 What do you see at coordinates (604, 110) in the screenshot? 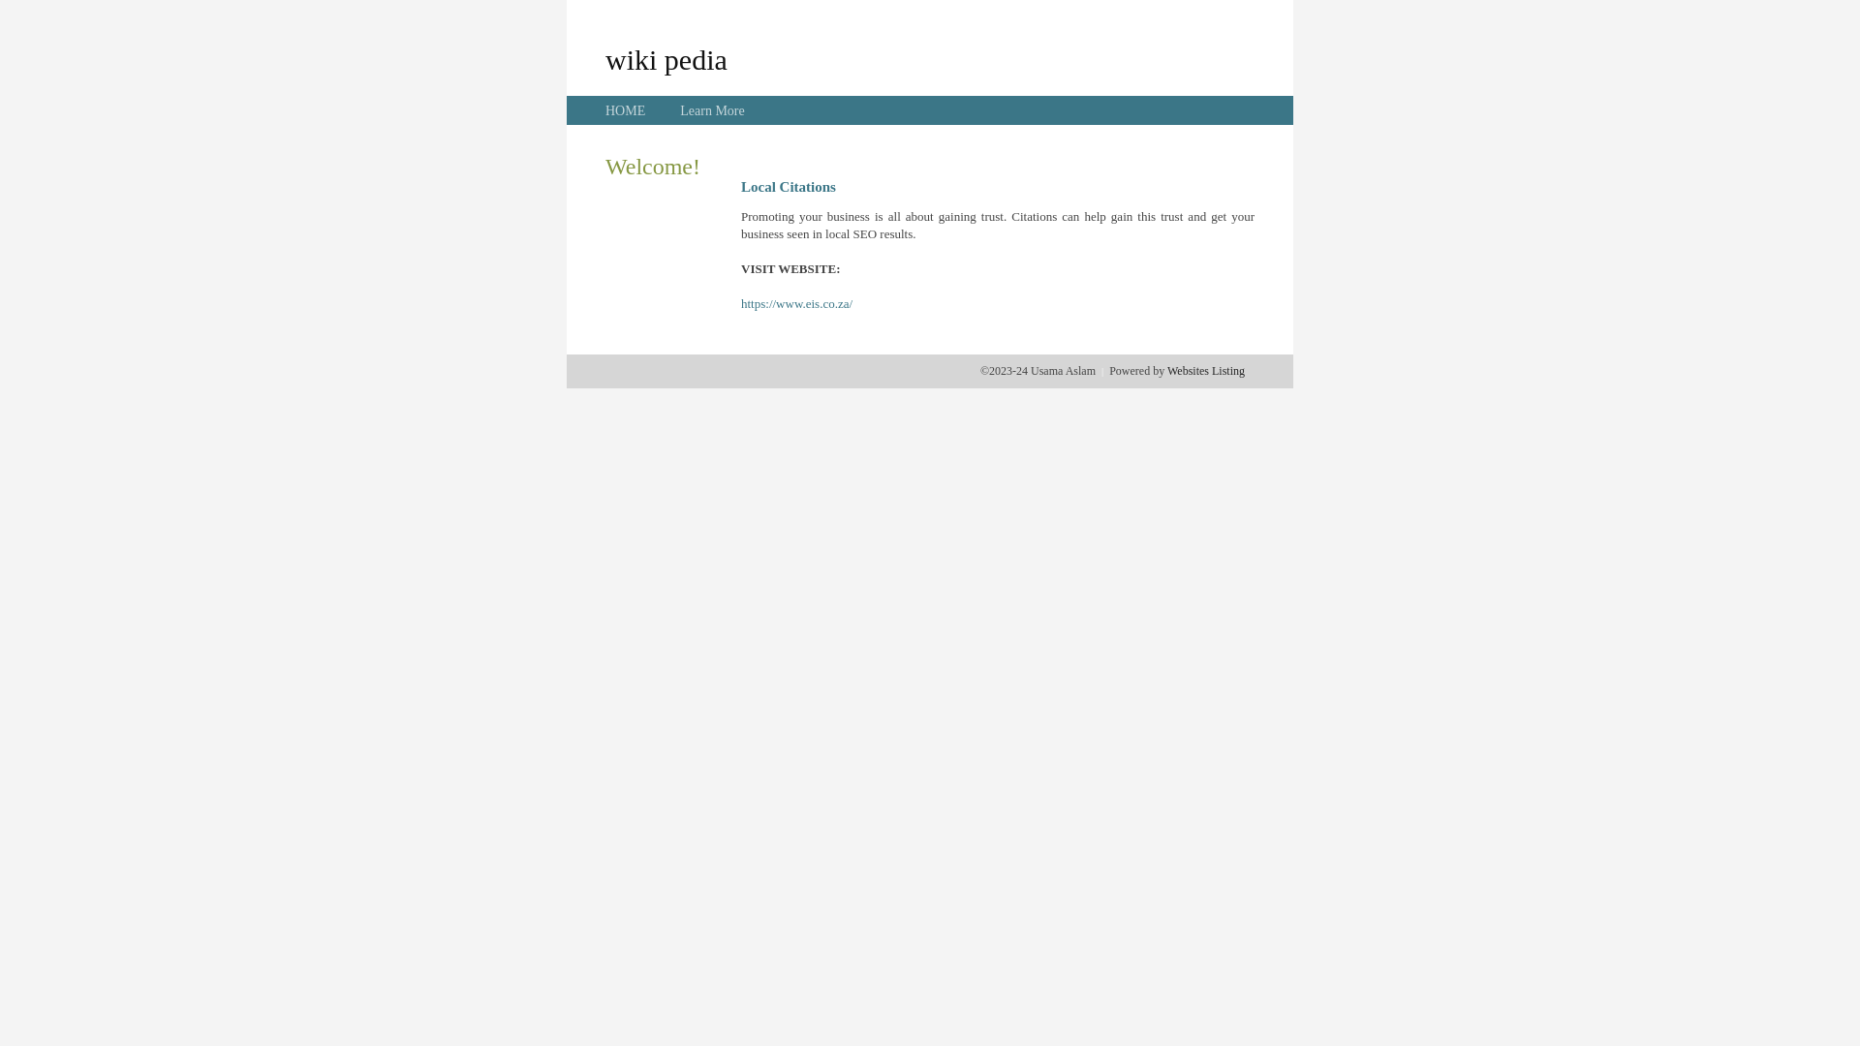
I see `'HOME'` at bounding box center [604, 110].